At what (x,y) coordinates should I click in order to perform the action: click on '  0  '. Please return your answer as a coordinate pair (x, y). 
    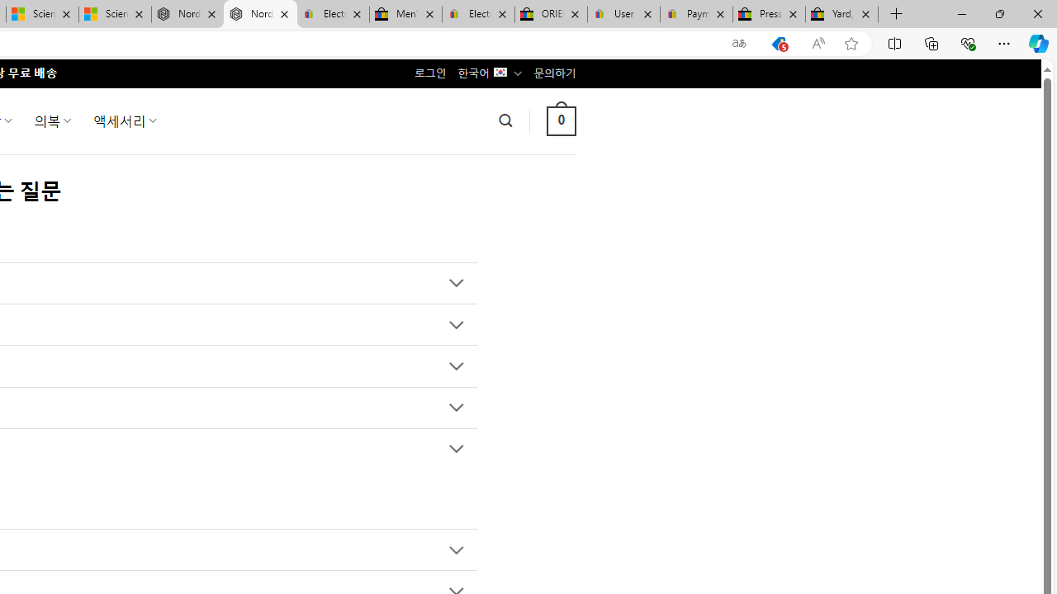
    Looking at the image, I should click on (561, 120).